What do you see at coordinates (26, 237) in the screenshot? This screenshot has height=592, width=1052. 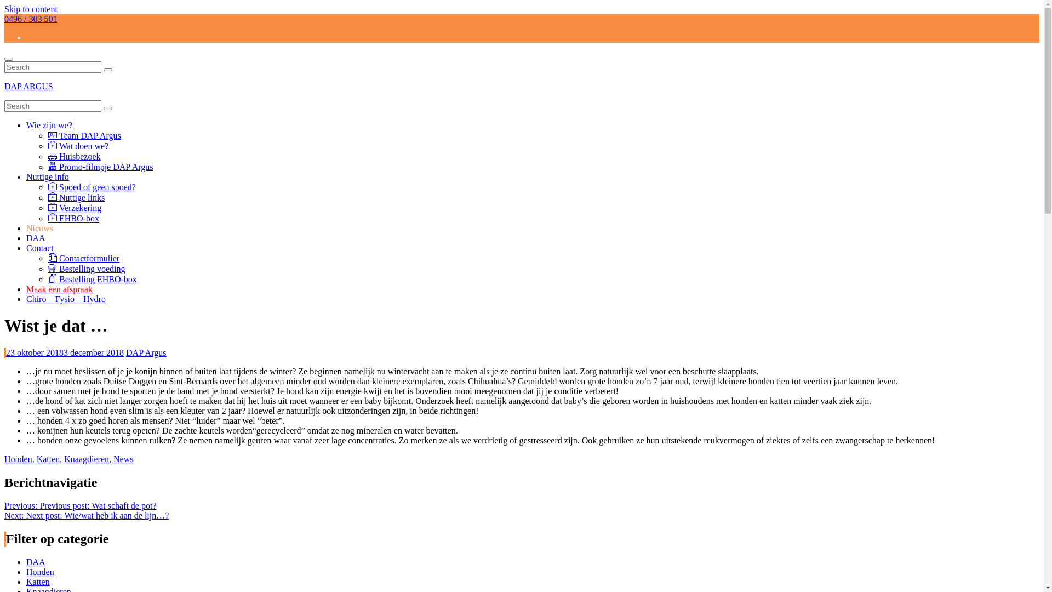 I see `'DAA'` at bounding box center [26, 237].